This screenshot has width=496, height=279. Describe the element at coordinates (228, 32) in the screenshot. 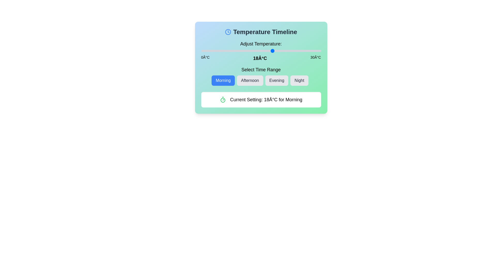

I see `the Clock icon (Clock or Timer) to trigger its associated action` at that location.